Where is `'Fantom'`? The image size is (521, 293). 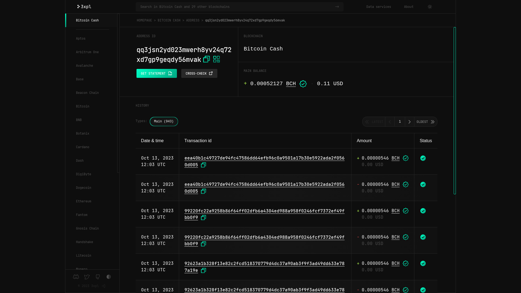
'Fantom' is located at coordinates (65, 214).